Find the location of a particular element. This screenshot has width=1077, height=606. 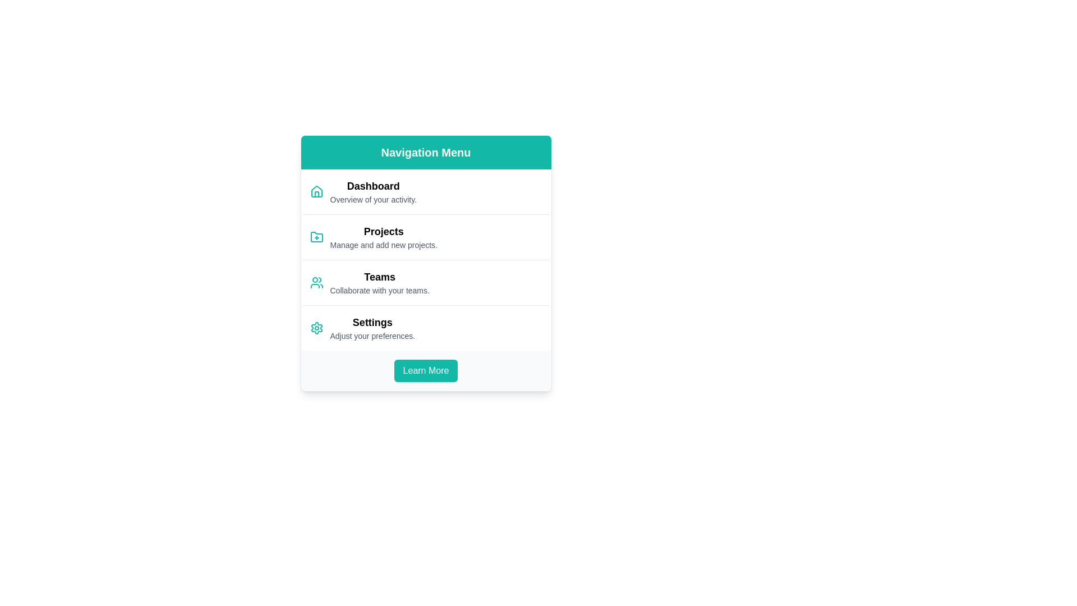

the folder icon with a plus symbol in the navigation menu, which represents 'Projects' is located at coordinates (316, 236).